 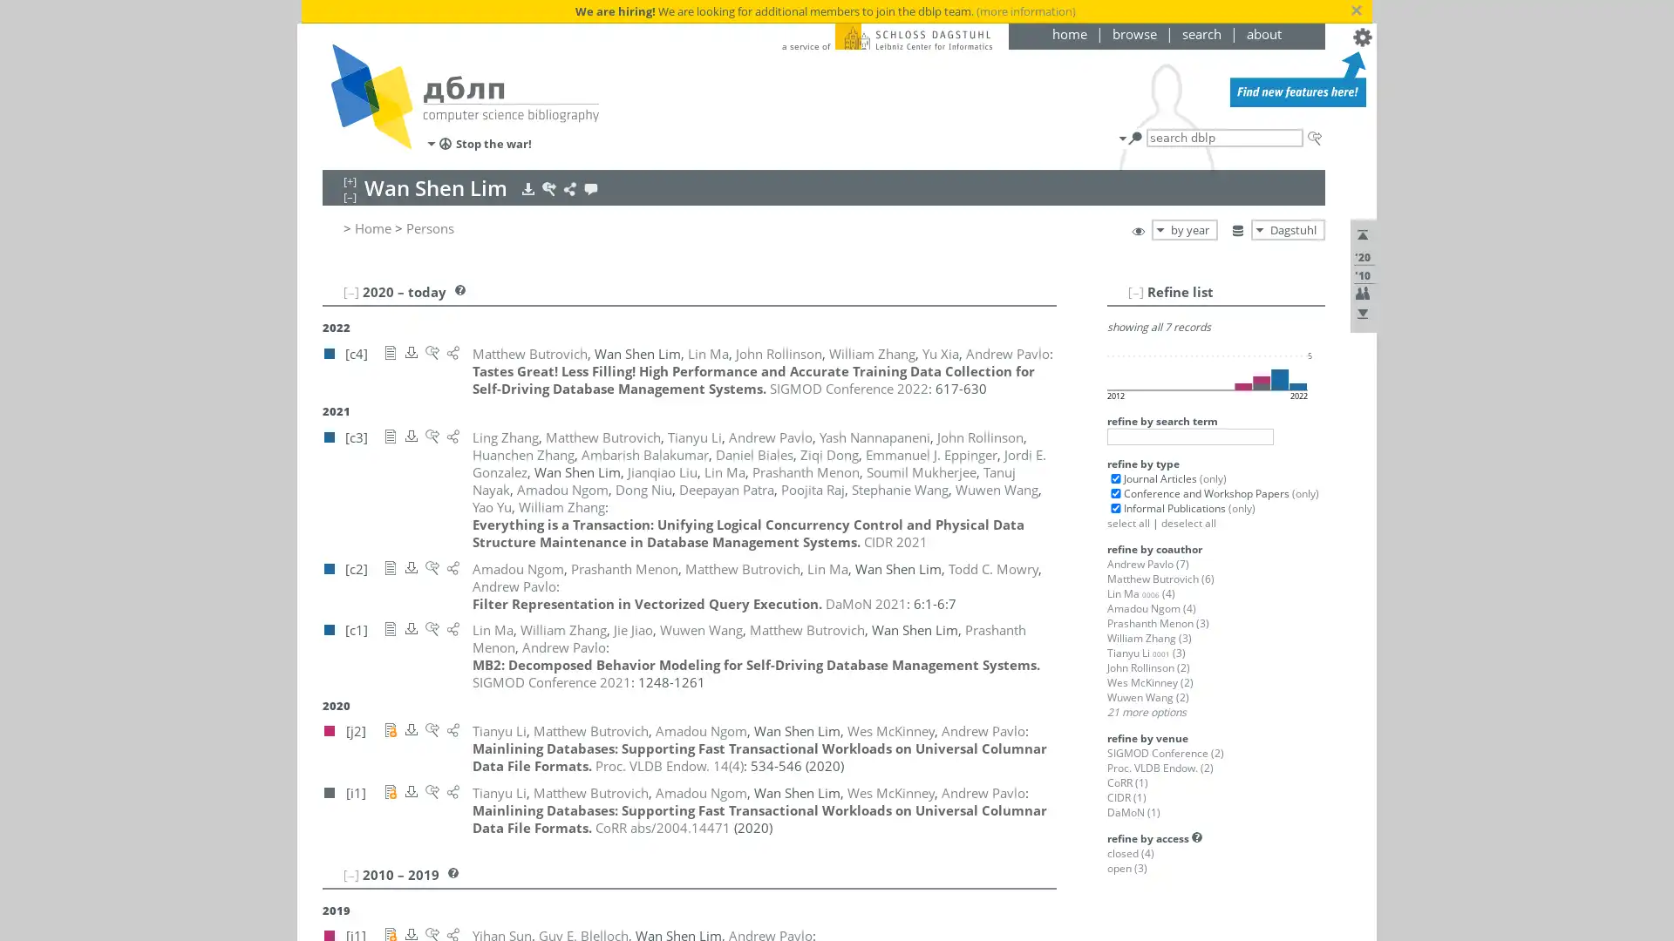 What do you see at coordinates (1304, 493) in the screenshot?
I see `(only)` at bounding box center [1304, 493].